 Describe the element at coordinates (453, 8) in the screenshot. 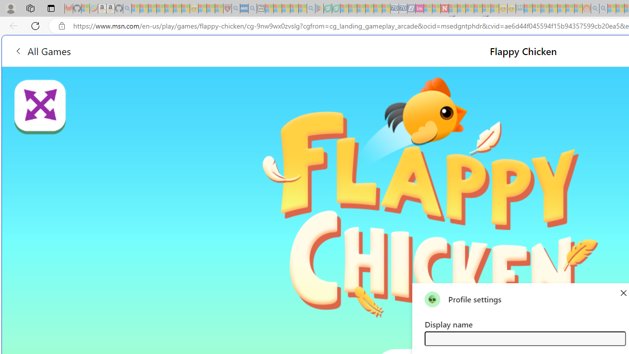

I see `'Trusted Community Engagement and Contributions | Guidelines'` at that location.